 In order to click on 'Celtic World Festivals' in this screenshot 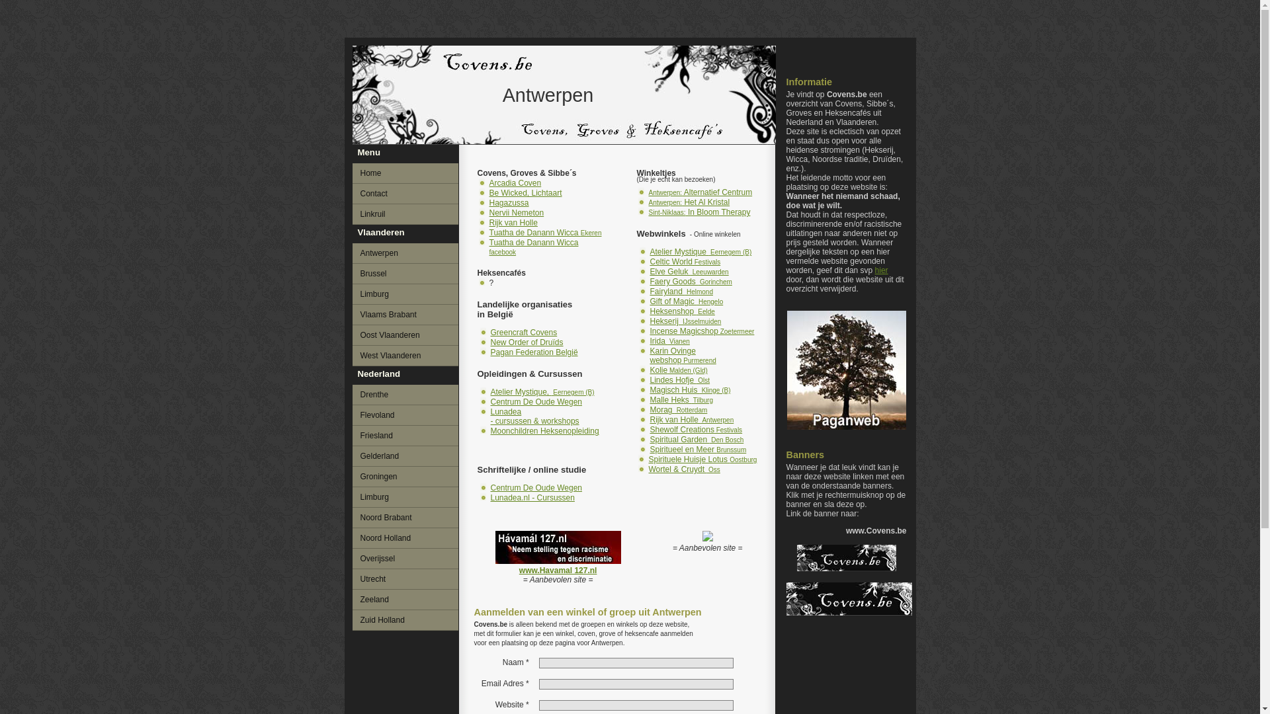, I will do `click(685, 262)`.